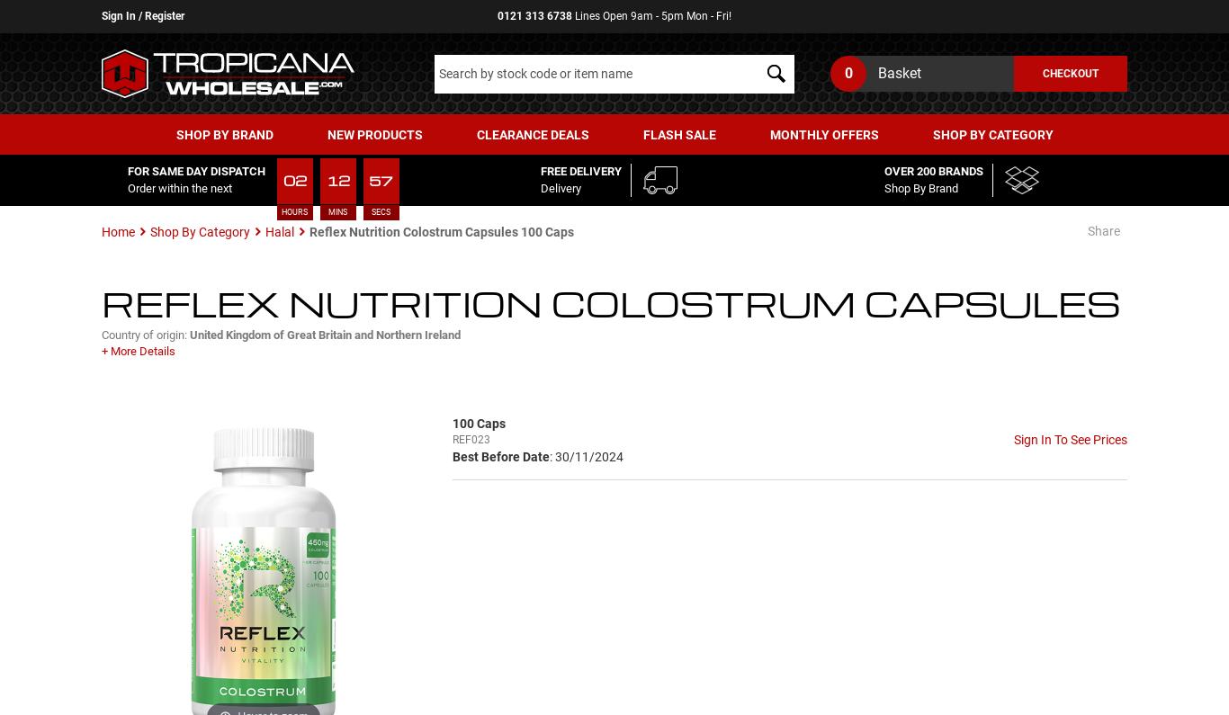 The width and height of the screenshot is (1229, 715). Describe the element at coordinates (585, 454) in the screenshot. I see `': 30/11/2024'` at that location.